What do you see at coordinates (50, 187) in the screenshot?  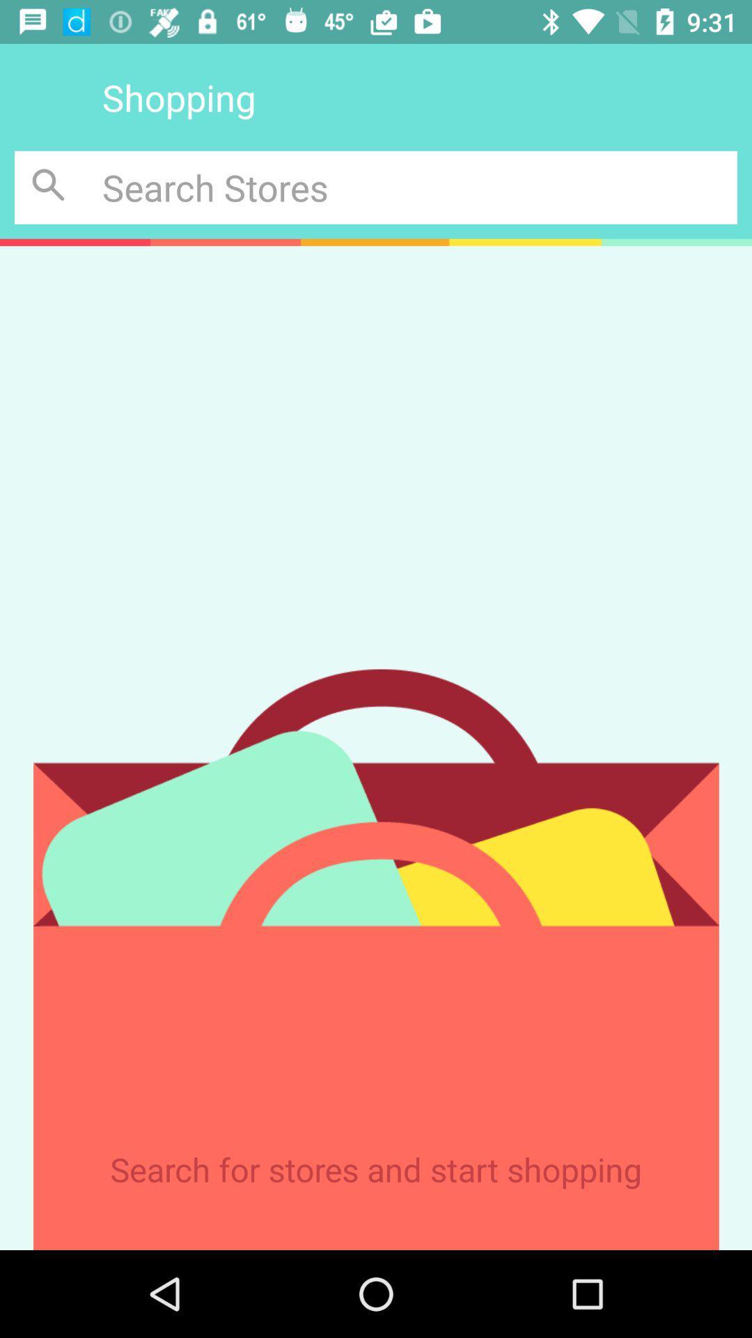 I see `begin search` at bounding box center [50, 187].